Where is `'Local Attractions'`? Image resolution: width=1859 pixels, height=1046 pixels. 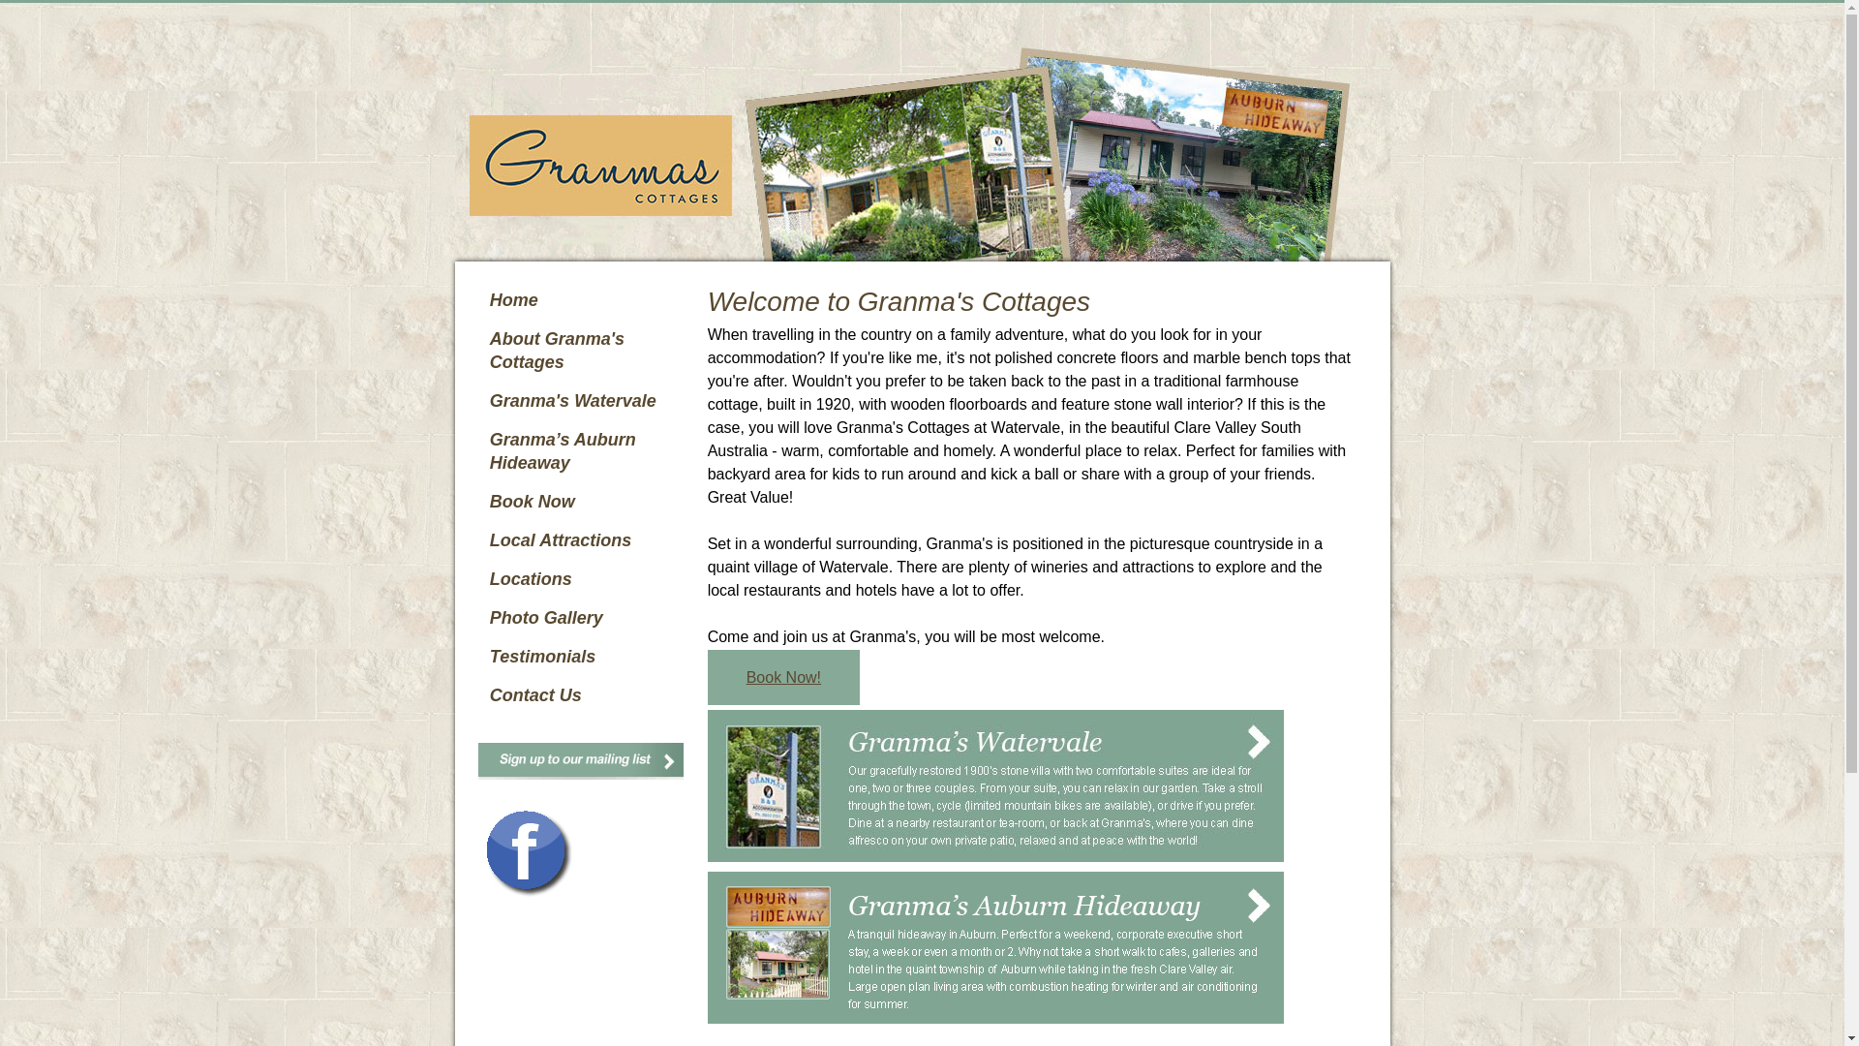 'Local Attractions' is located at coordinates (478, 540).